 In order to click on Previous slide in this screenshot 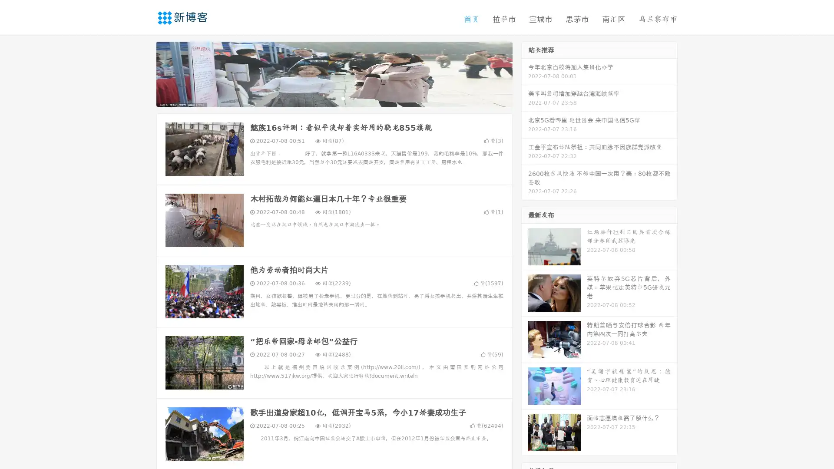, I will do `click(143, 73)`.